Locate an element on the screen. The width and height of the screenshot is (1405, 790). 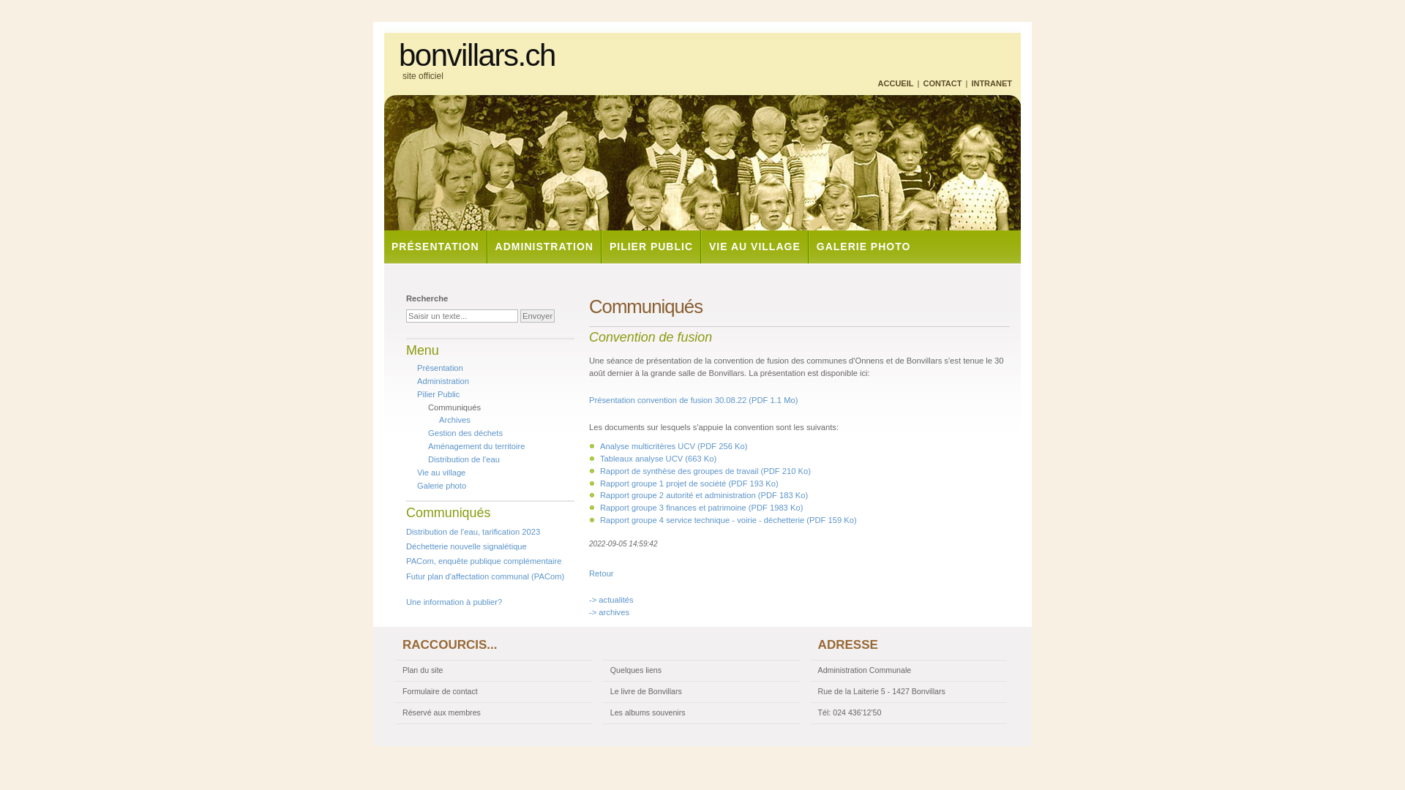
'CONTACT' is located at coordinates (942, 83).